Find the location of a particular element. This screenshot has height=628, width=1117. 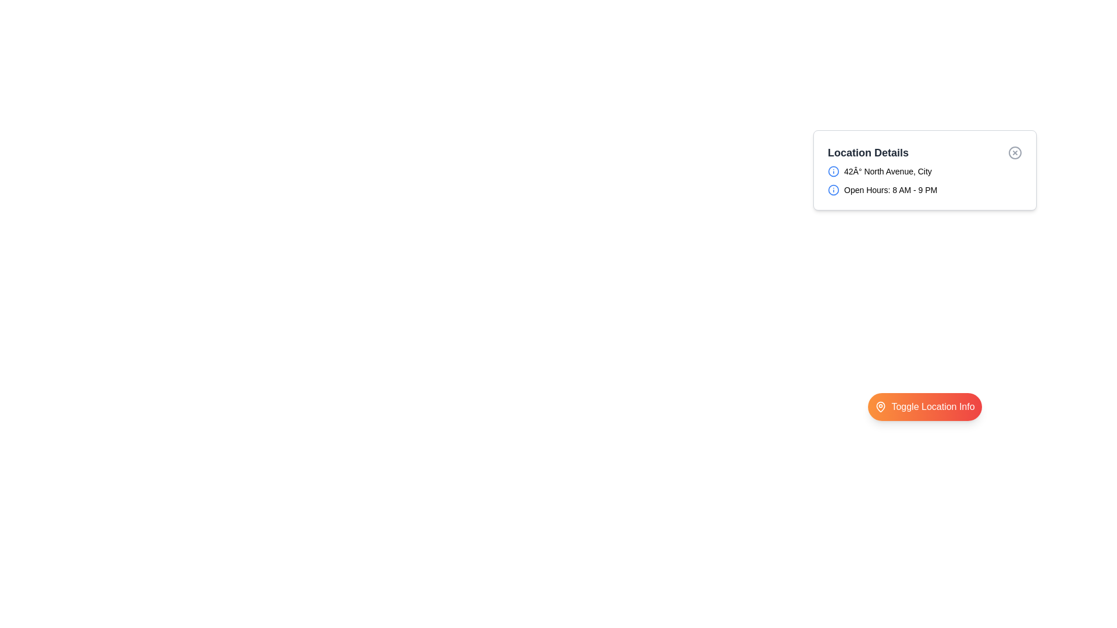

the close or remove button located in the top-right corner of the 'Location Details' section is located at coordinates (1015, 152).